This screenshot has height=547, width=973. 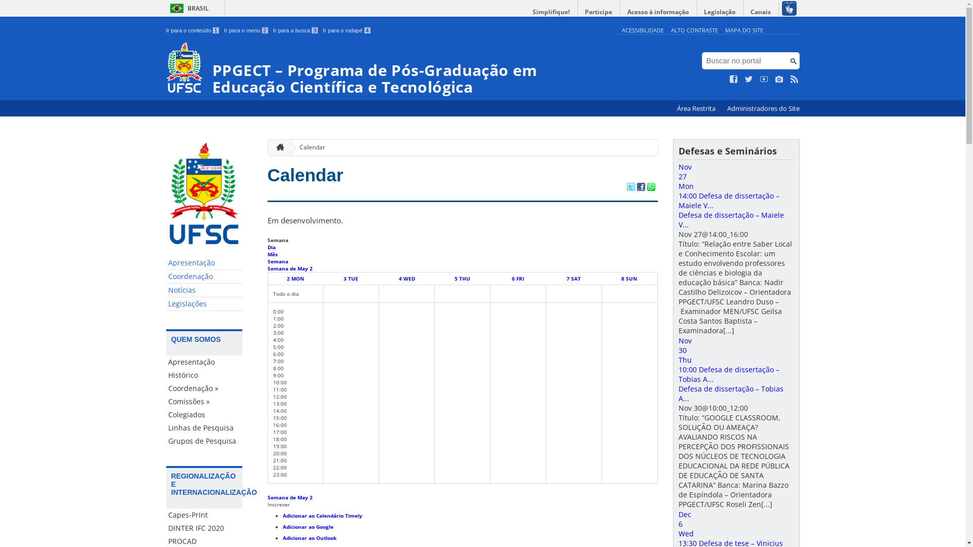 I want to click on '8 SUN', so click(x=628, y=279).